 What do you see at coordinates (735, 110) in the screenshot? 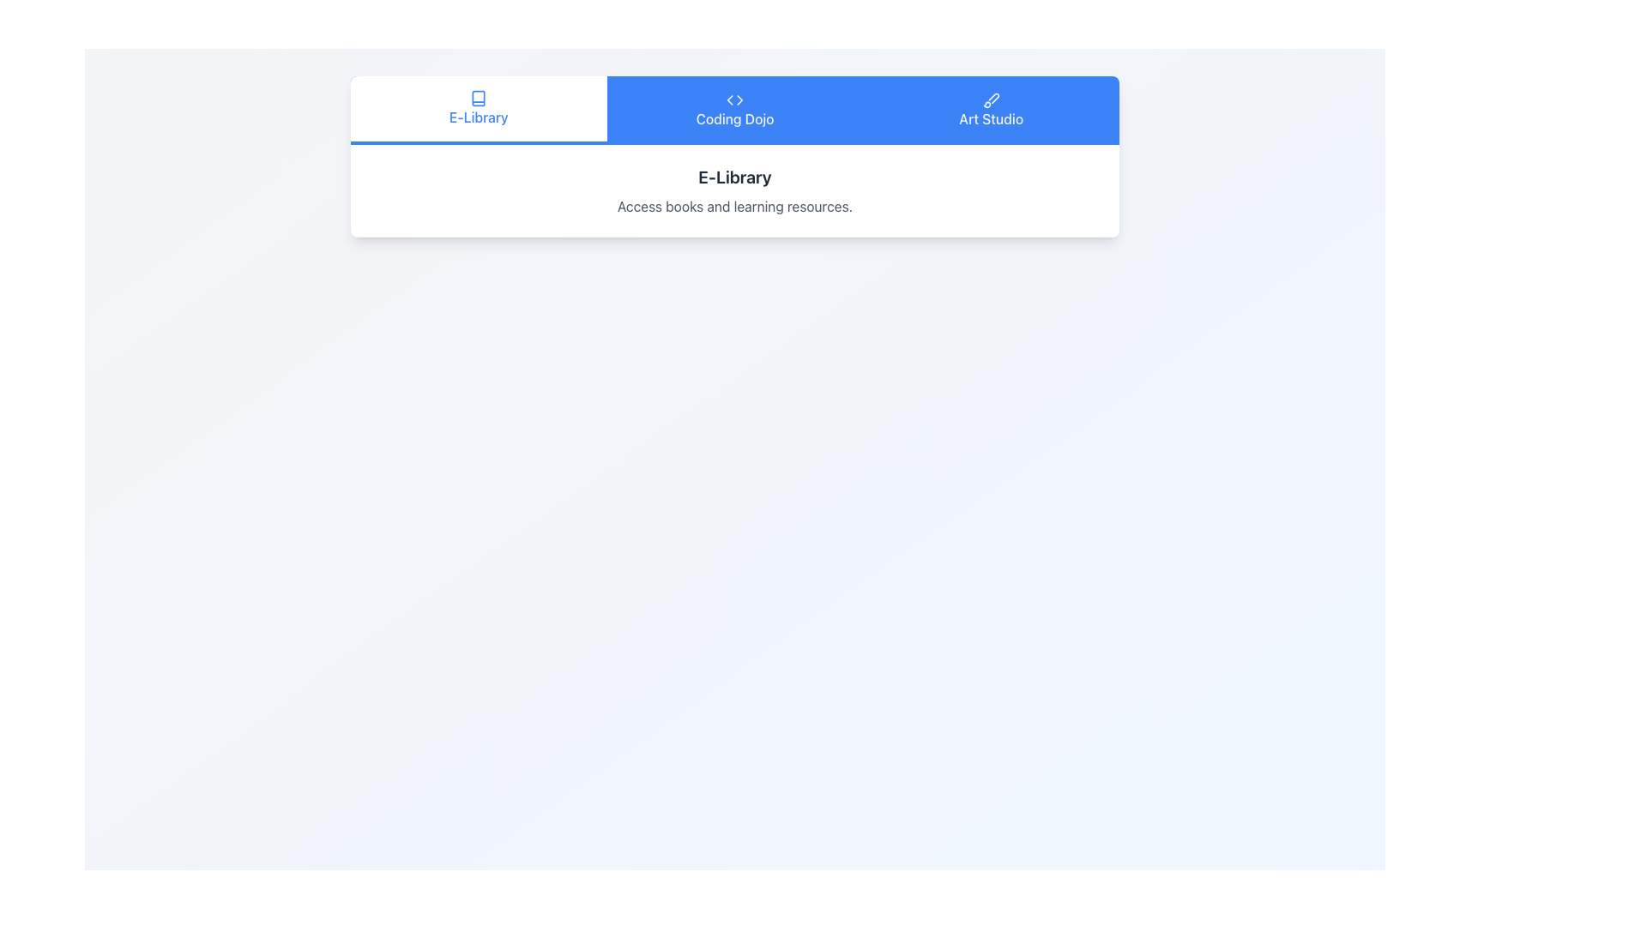
I see `the 'Coding Dojo' tab in the navigation bar` at bounding box center [735, 110].